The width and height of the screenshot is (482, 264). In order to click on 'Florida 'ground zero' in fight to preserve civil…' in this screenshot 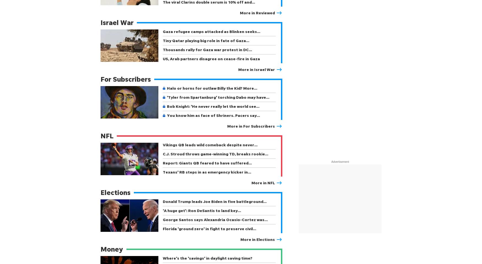, I will do `click(209, 229)`.